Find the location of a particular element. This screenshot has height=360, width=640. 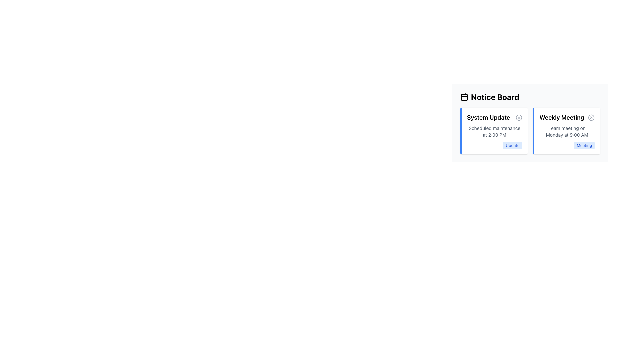

the 'Weekly Meeting' text label, which is styled with bold and large fonts and located in the second notice box under the 'Notice Board' section is located at coordinates (567, 117).